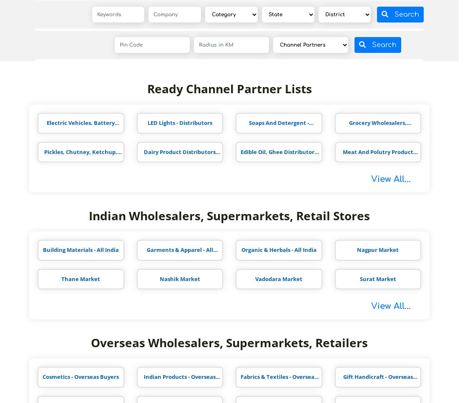 This screenshot has height=403, width=465. What do you see at coordinates (90, 342) in the screenshot?
I see `'Overseas Wholesalers, Supermarkets, Retailers'` at bounding box center [90, 342].